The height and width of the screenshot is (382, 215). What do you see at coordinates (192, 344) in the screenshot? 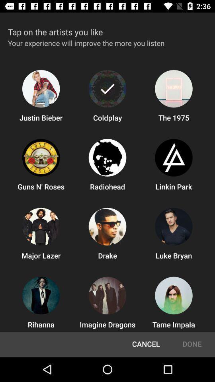
I see `the done item` at bounding box center [192, 344].